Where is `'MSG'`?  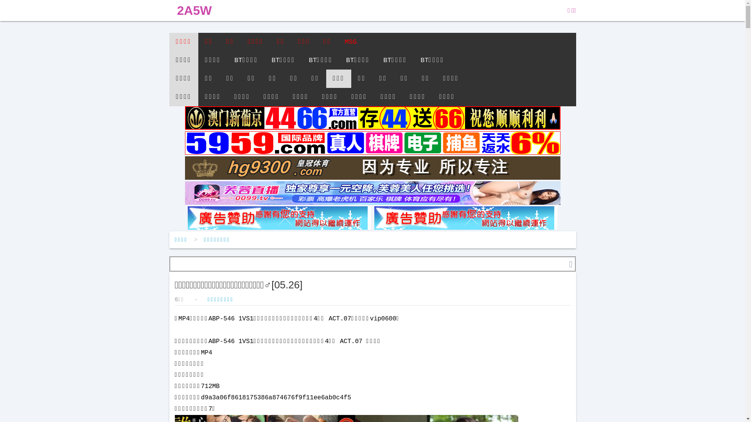
'MSG' is located at coordinates (350, 42).